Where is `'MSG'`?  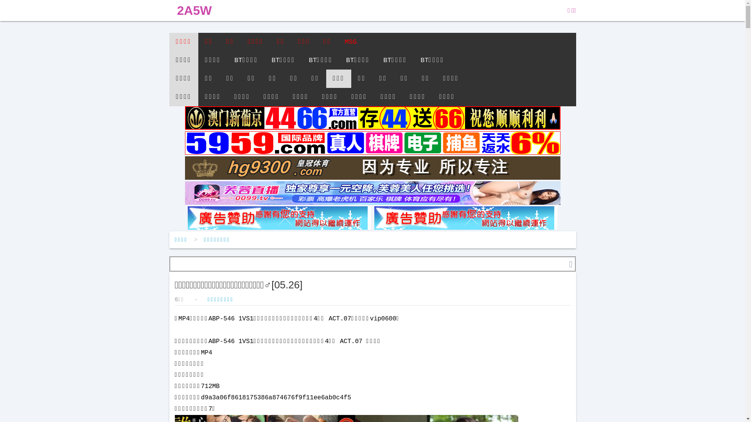
'MSG' is located at coordinates (350, 42).